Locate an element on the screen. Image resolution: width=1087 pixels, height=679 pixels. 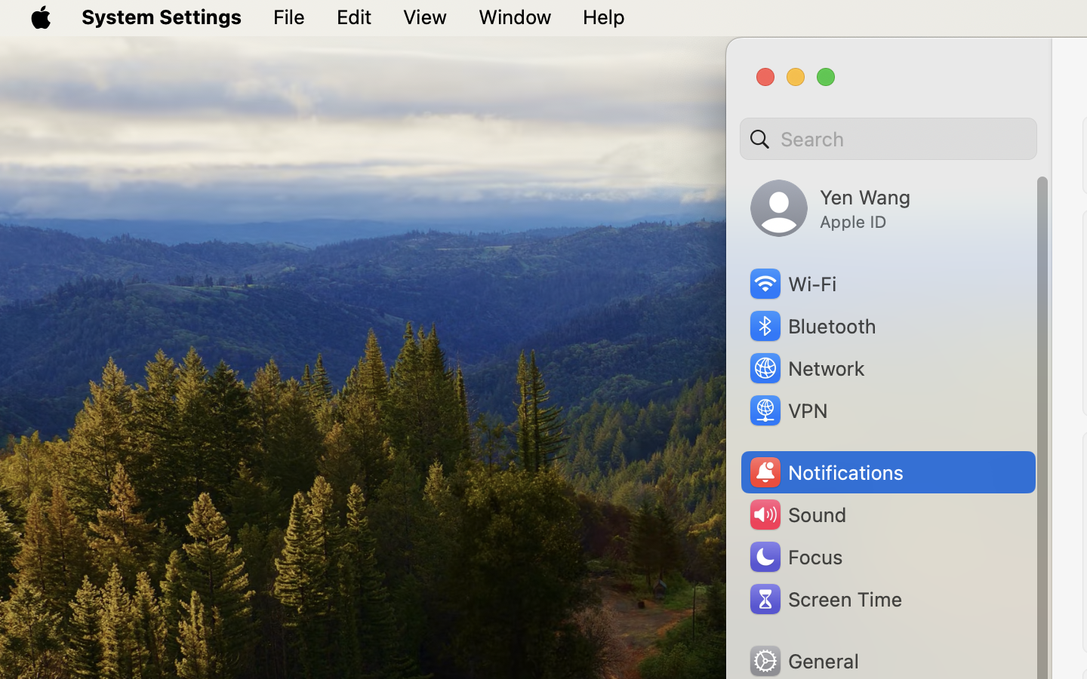
'VPN' is located at coordinates (787, 409).